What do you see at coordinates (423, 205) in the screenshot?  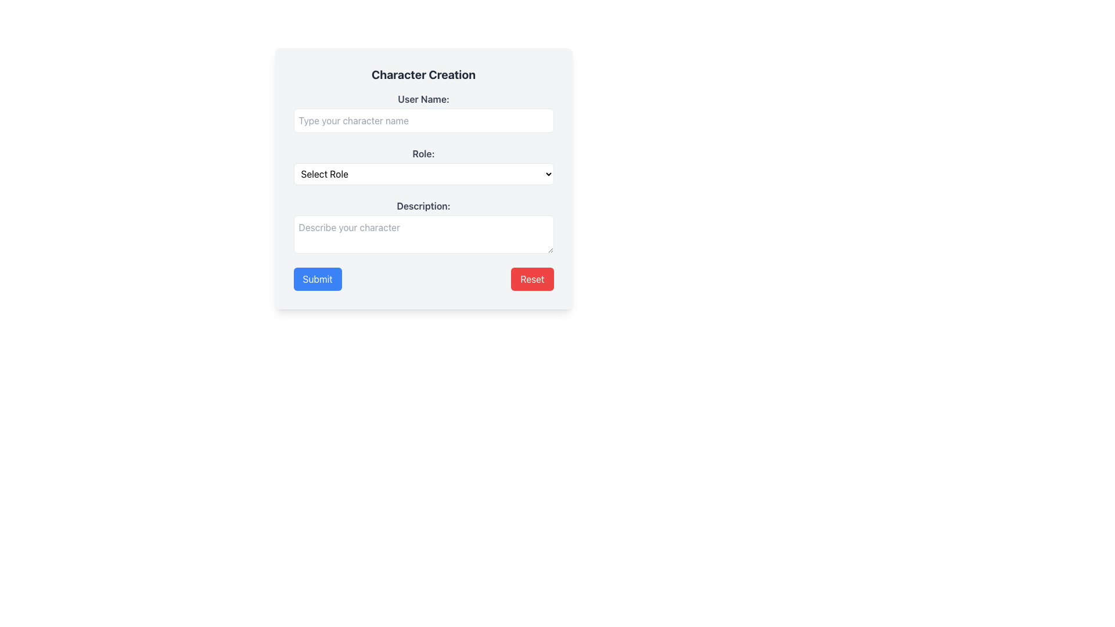 I see `the Text label indicating the description area for the character, which is positioned directly above the multiline text input field labeled 'Describe your character.'` at bounding box center [423, 205].